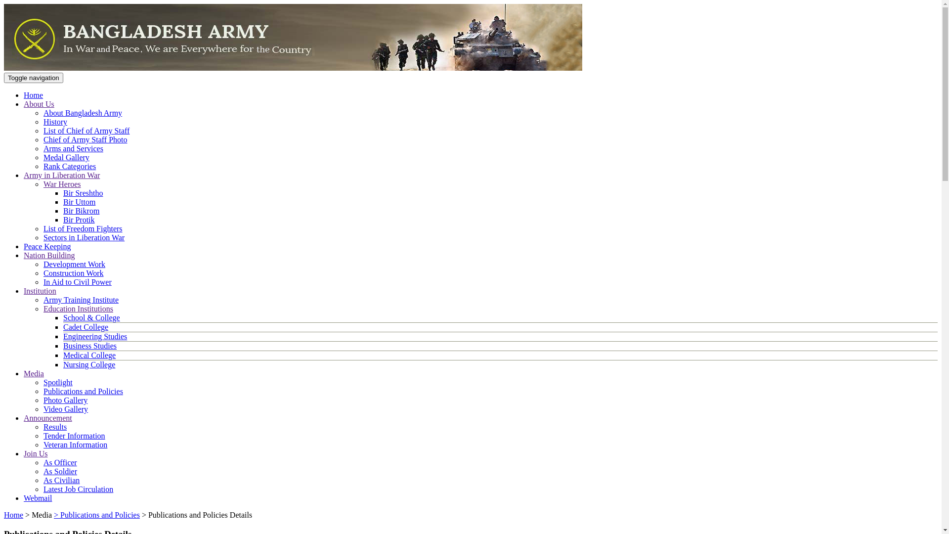  Describe the element at coordinates (65, 400) in the screenshot. I see `'Photo Gallery'` at that location.